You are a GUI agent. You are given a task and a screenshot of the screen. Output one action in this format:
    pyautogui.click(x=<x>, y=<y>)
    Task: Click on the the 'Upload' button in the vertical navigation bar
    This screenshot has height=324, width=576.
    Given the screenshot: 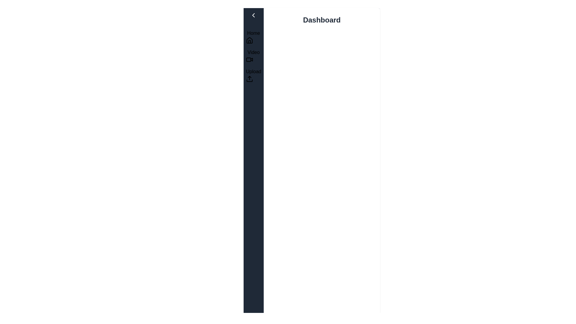 What is the action you would take?
    pyautogui.click(x=253, y=75)
    